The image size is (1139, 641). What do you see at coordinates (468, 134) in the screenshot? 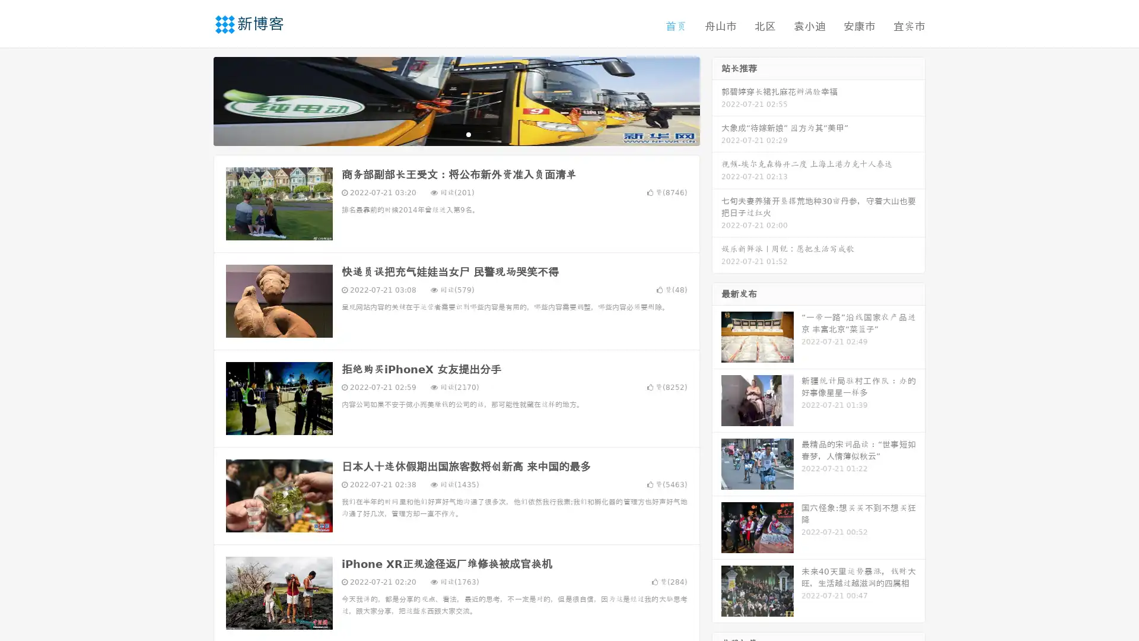
I see `Go to slide 3` at bounding box center [468, 134].